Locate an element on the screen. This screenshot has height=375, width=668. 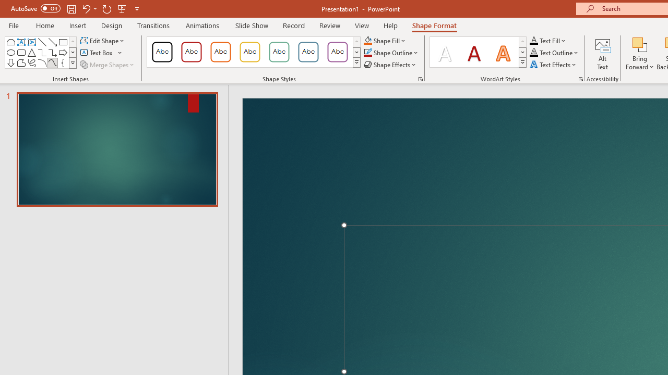
'Shape Format' is located at coordinates (434, 25).